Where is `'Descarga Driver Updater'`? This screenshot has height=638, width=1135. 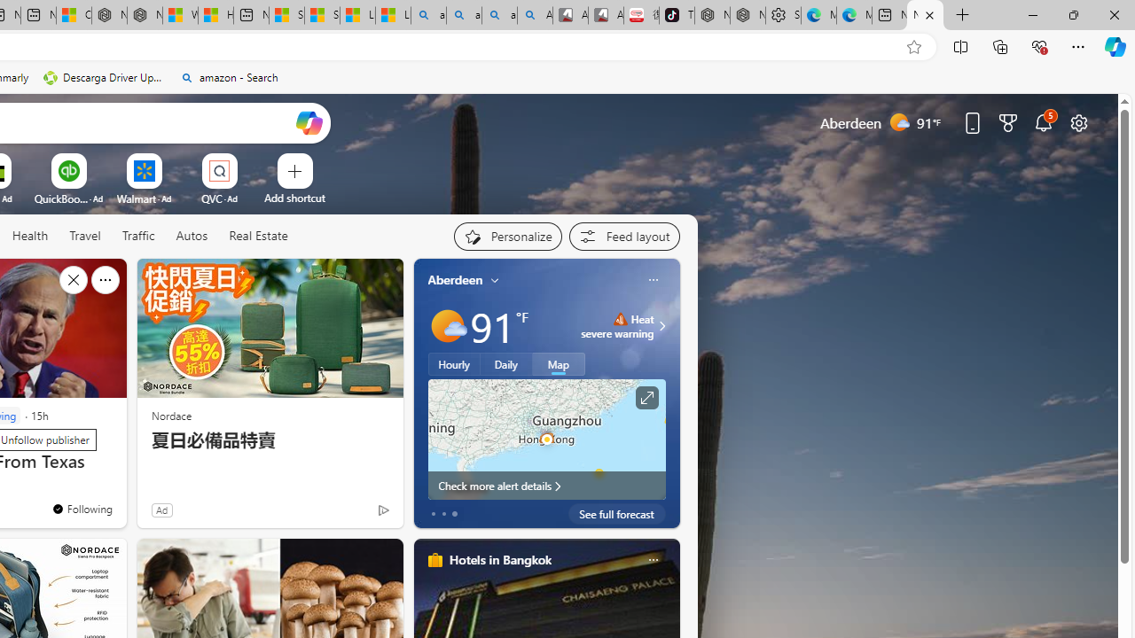
'Descarga Driver Updater' is located at coordinates (104, 77).